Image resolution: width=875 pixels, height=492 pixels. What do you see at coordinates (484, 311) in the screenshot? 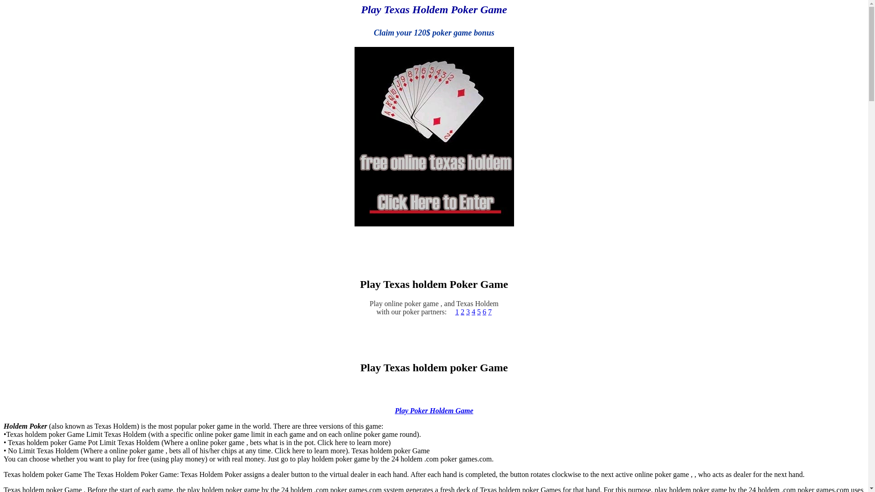
I see `'6'` at bounding box center [484, 311].